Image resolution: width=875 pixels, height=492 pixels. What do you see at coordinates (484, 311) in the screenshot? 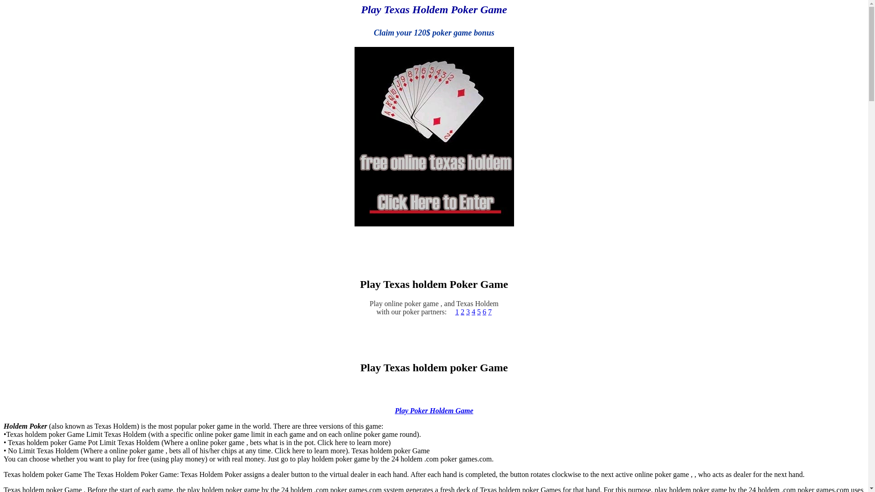
I see `'6'` at bounding box center [484, 311].